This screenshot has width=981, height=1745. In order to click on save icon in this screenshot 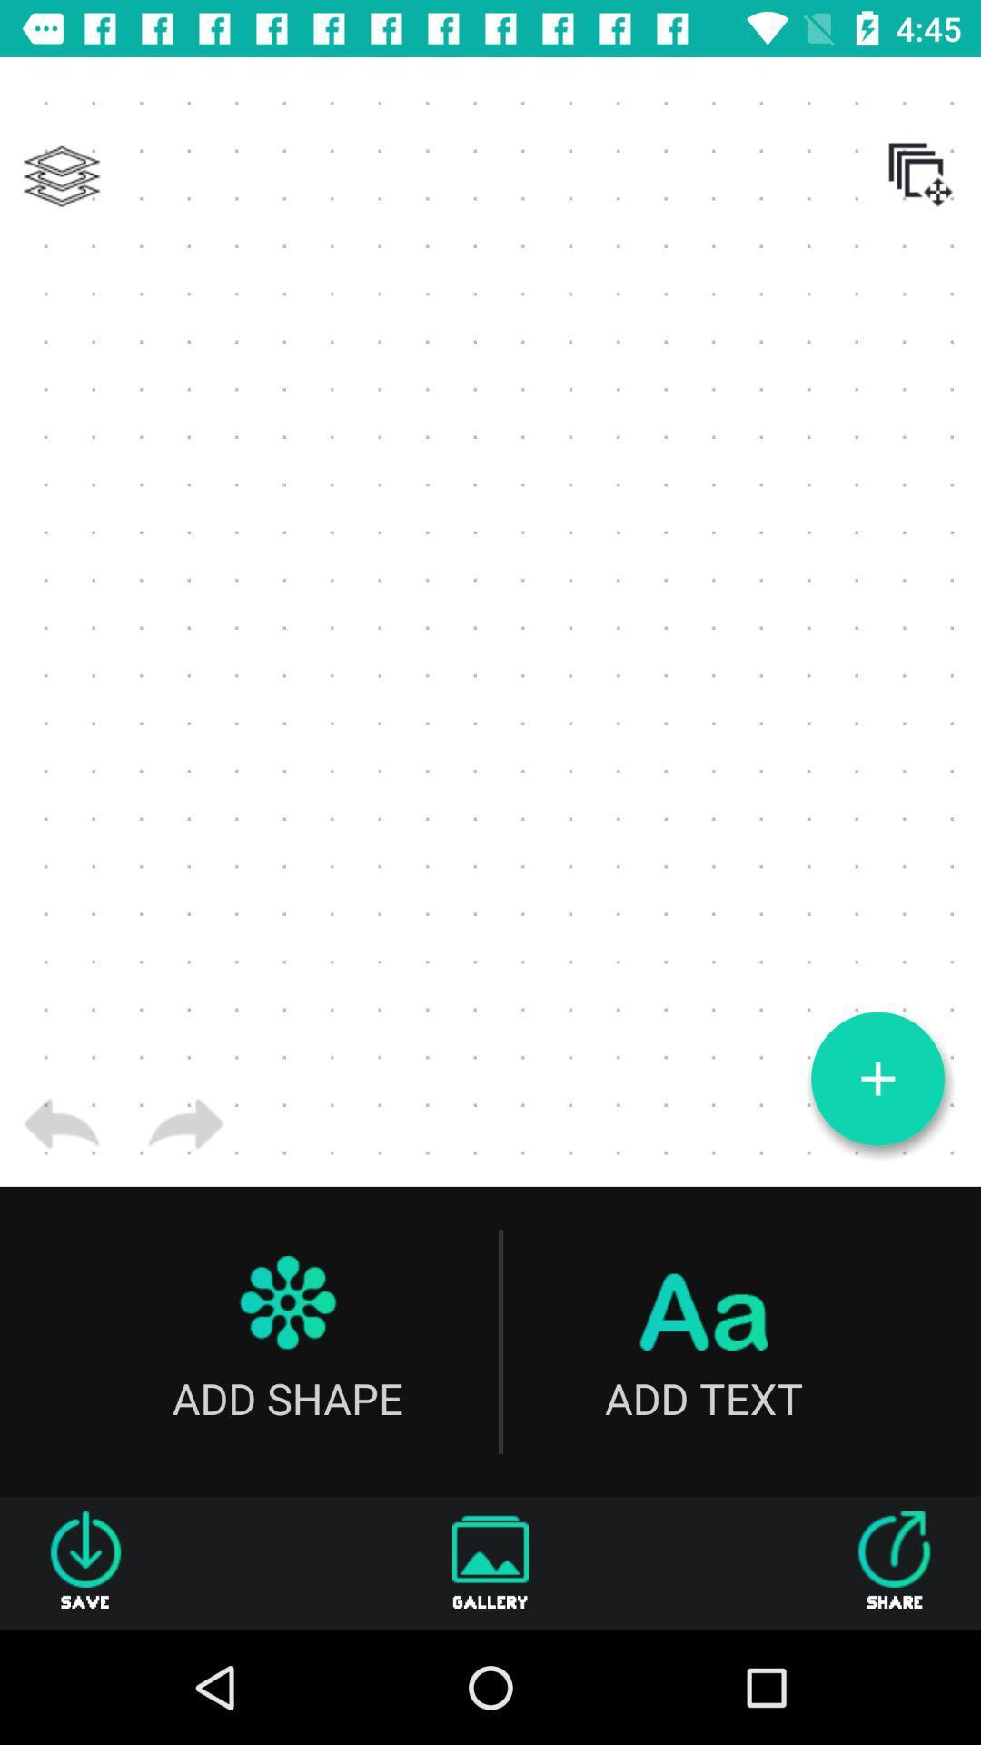, I will do `click(85, 1562)`.